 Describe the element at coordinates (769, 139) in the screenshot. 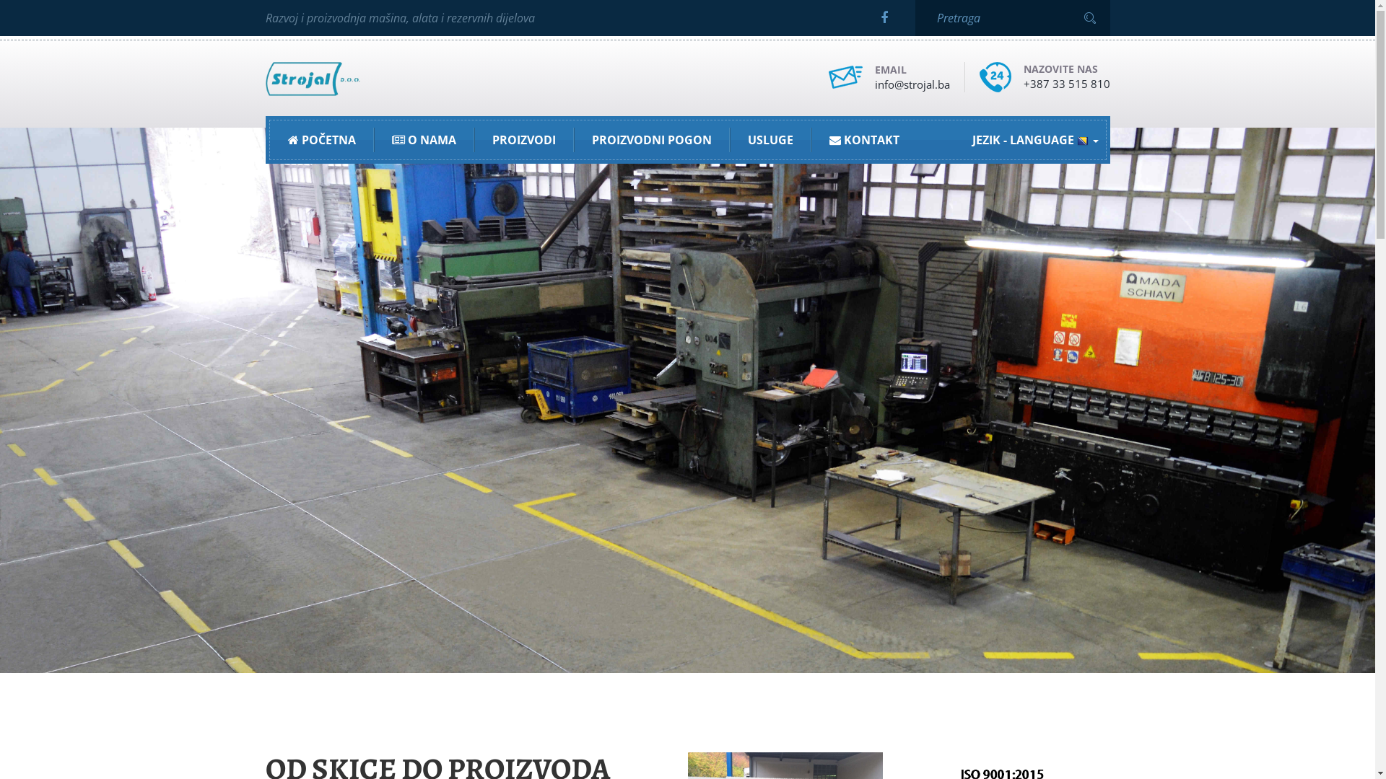

I see `'USLUGE'` at that location.